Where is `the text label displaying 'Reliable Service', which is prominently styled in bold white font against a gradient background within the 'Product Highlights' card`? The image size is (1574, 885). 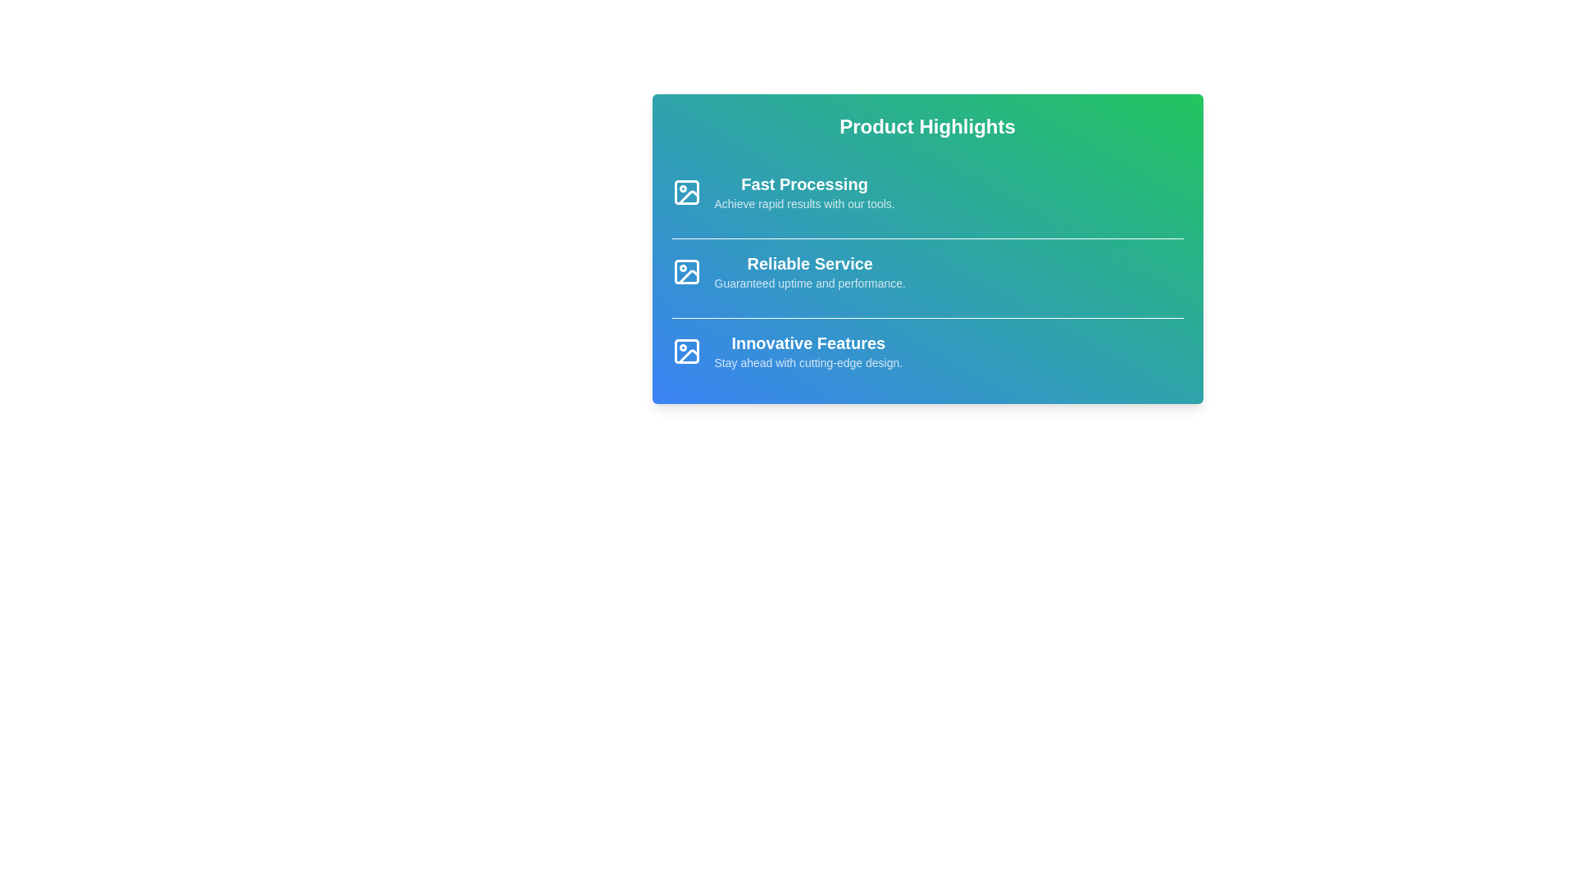 the text label displaying 'Reliable Service', which is prominently styled in bold white font against a gradient background within the 'Product Highlights' card is located at coordinates (810, 262).